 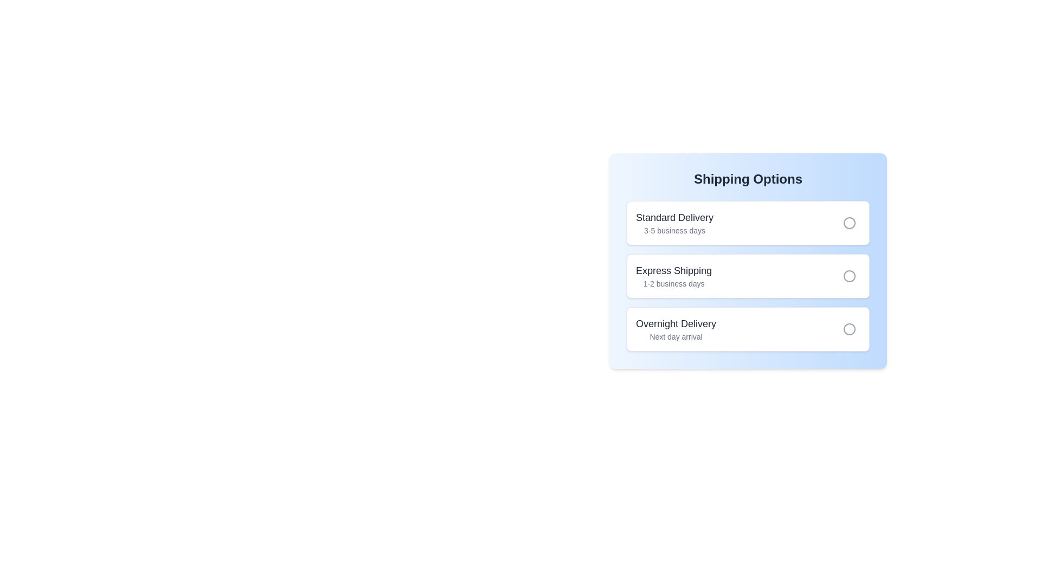 I want to click on the 'Standard Delivery' text label, so click(x=674, y=223).